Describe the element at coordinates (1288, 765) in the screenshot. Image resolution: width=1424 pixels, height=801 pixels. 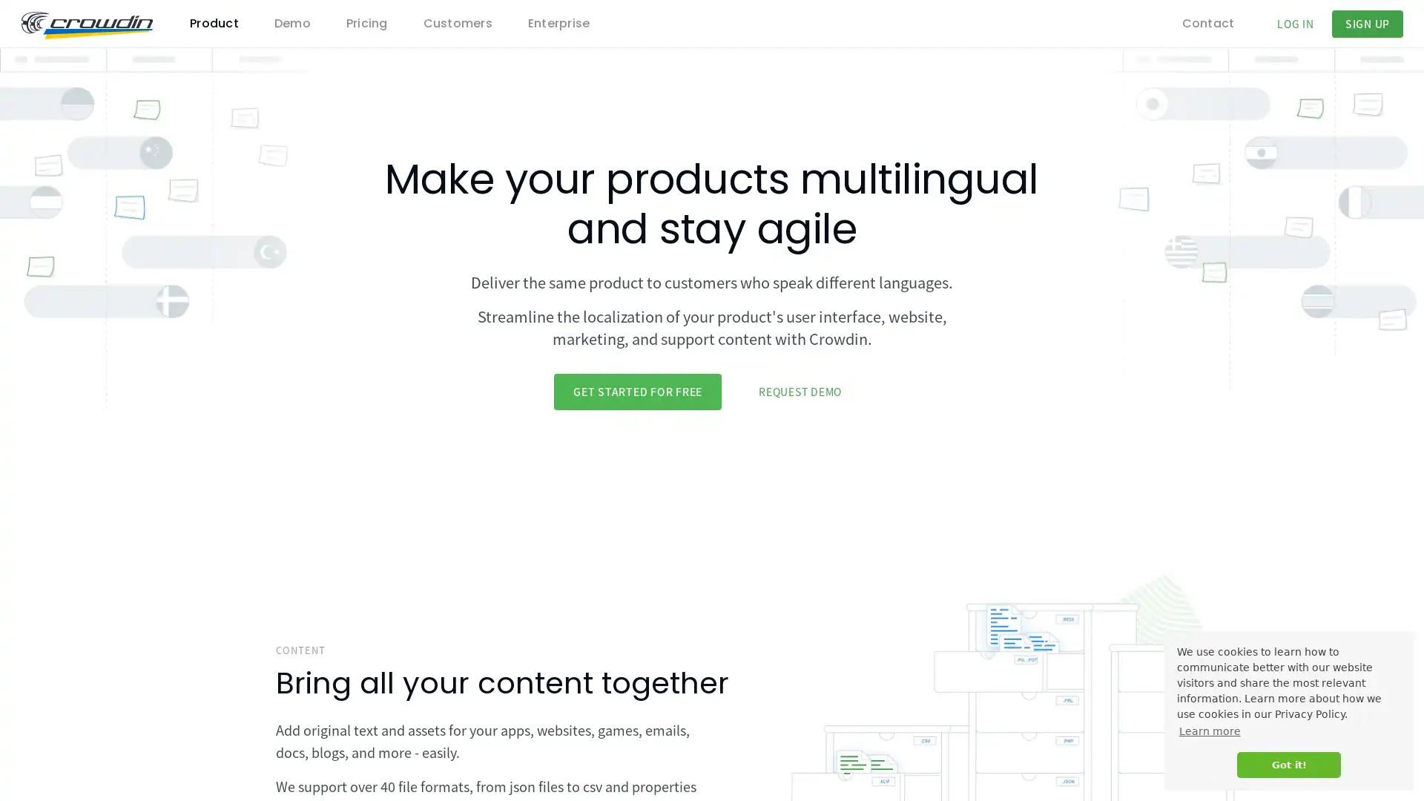
I see `dismiss cookie message` at that location.